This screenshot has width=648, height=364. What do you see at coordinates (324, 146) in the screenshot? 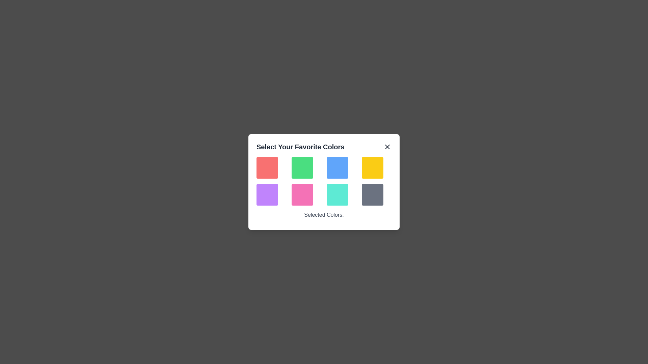
I see `the header text 'Select Your Favorite Colors'` at bounding box center [324, 146].